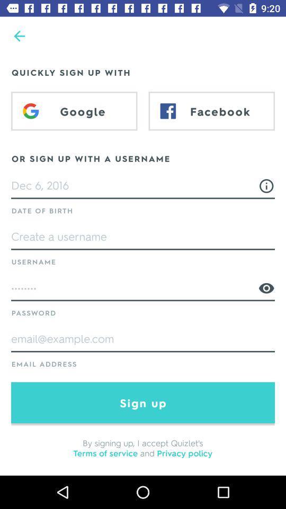 Image resolution: width=286 pixels, height=509 pixels. Describe the element at coordinates (211, 111) in the screenshot. I see `facebook` at that location.